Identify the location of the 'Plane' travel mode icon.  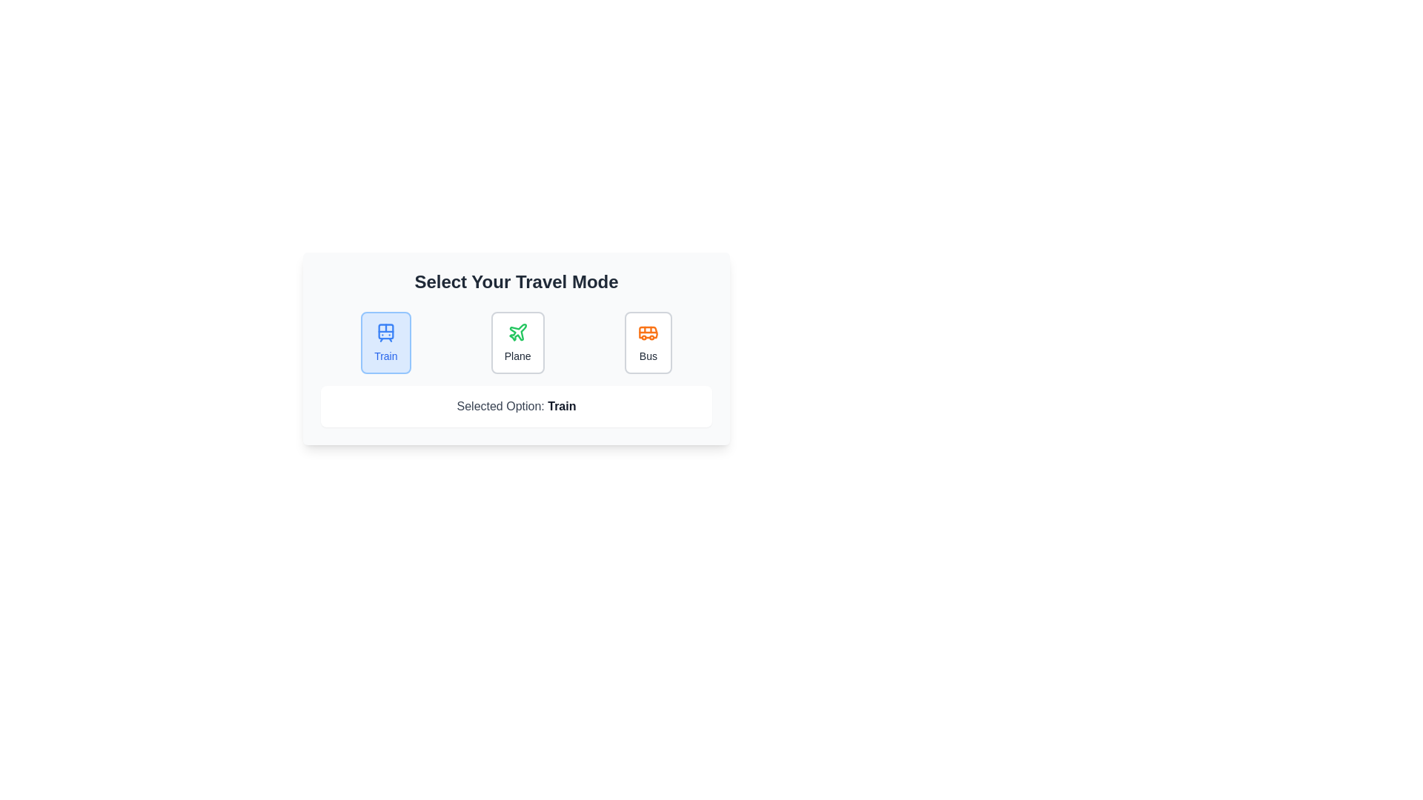
(517, 331).